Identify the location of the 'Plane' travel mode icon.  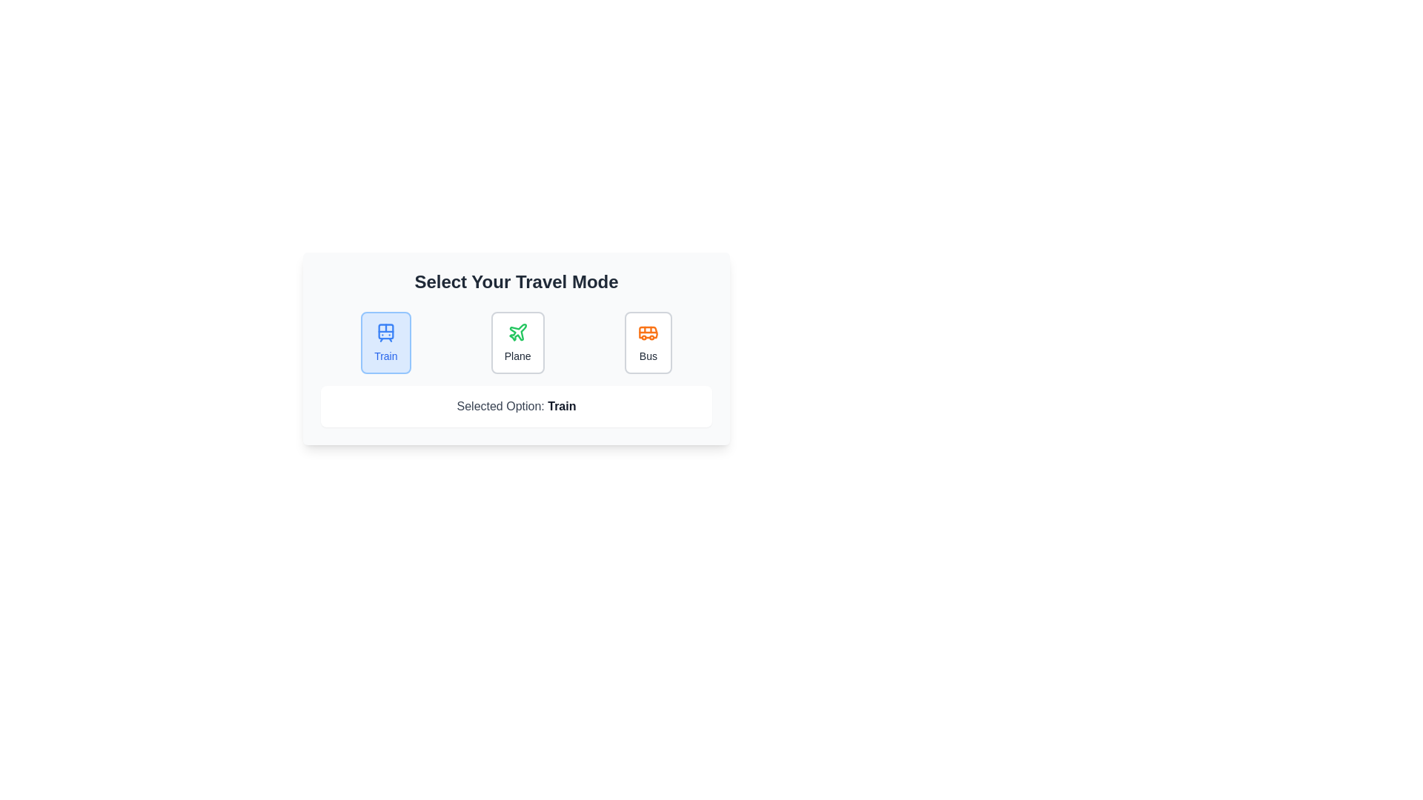
(517, 331).